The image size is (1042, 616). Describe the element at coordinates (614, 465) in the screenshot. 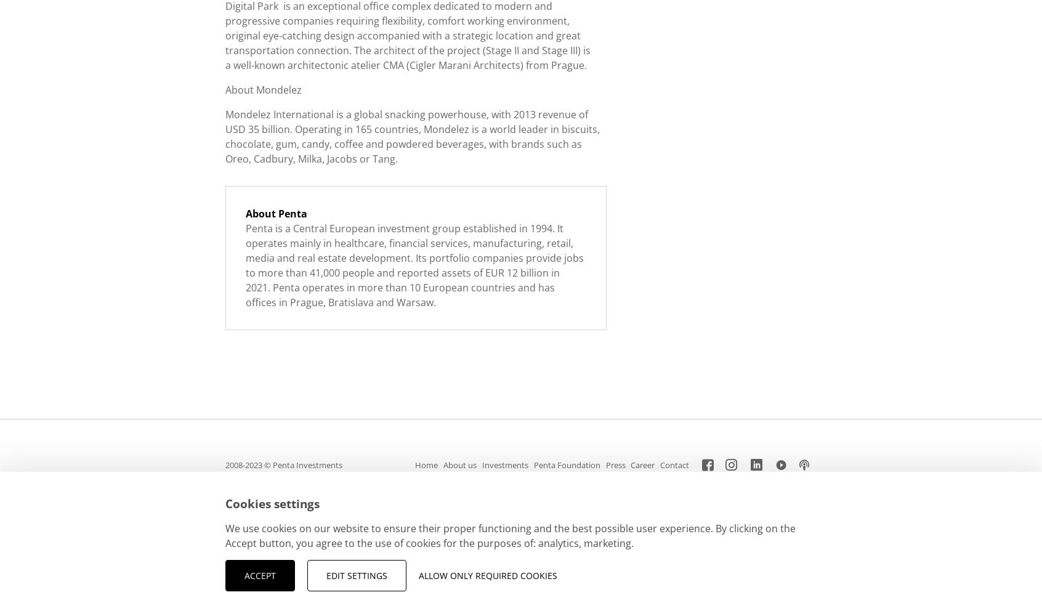

I see `'Press'` at that location.